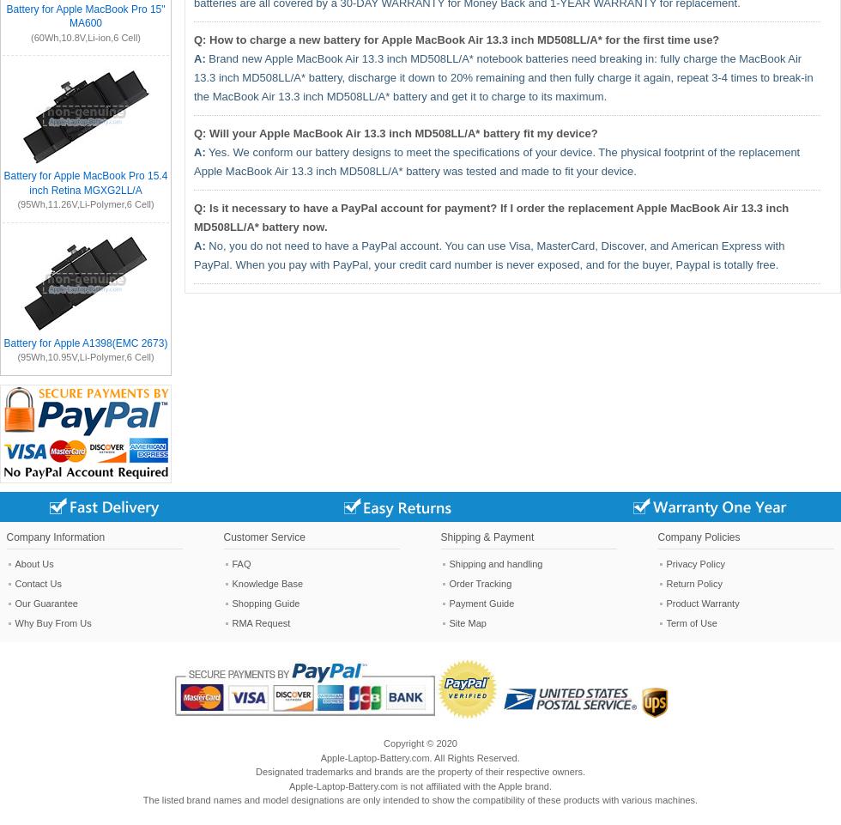 This screenshot has height=825, width=841. I want to click on 'Shipping and handling', so click(449, 563).